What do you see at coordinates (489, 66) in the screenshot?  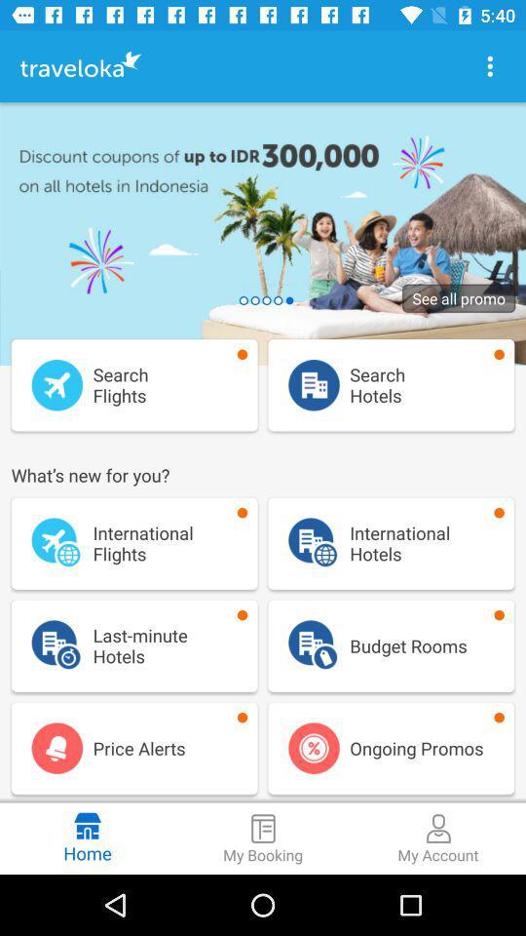 I see `menu` at bounding box center [489, 66].